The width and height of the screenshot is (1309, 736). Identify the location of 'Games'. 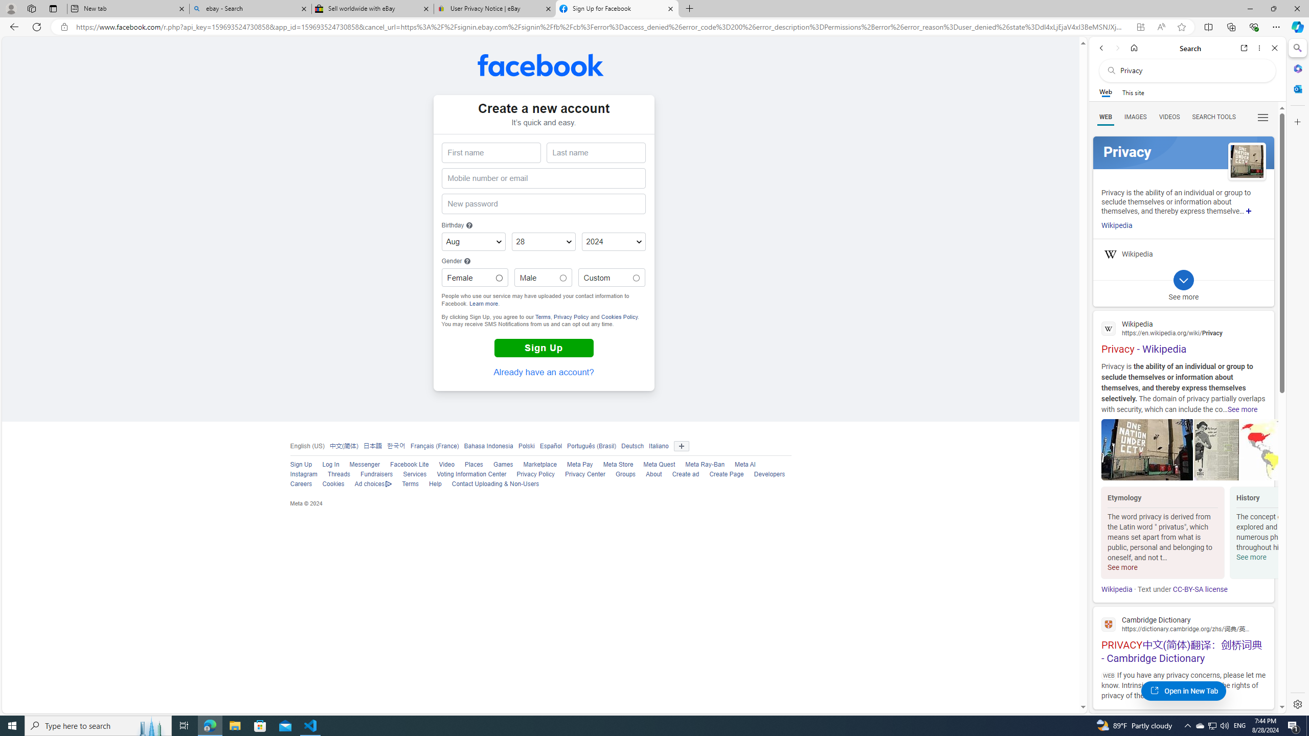
(503, 464).